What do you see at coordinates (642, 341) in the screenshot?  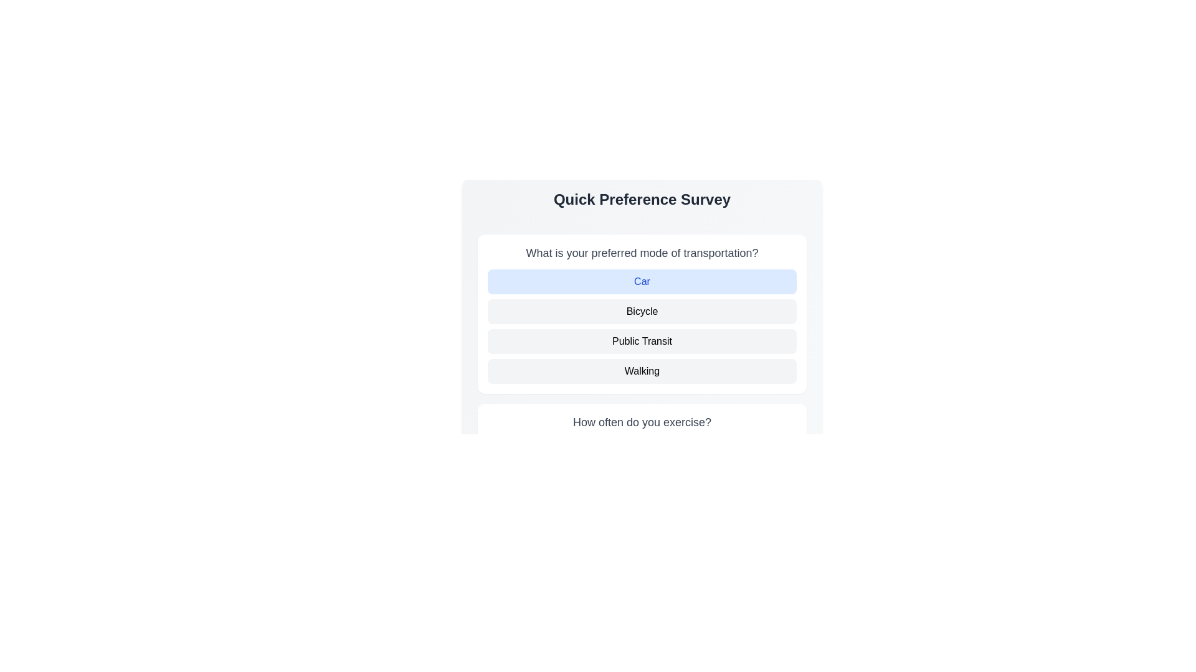 I see `the third button in the vertical selection menu for choosing a preferred mode of transportation, located under the question 'What is your preferred mode of transportation.'` at bounding box center [642, 341].